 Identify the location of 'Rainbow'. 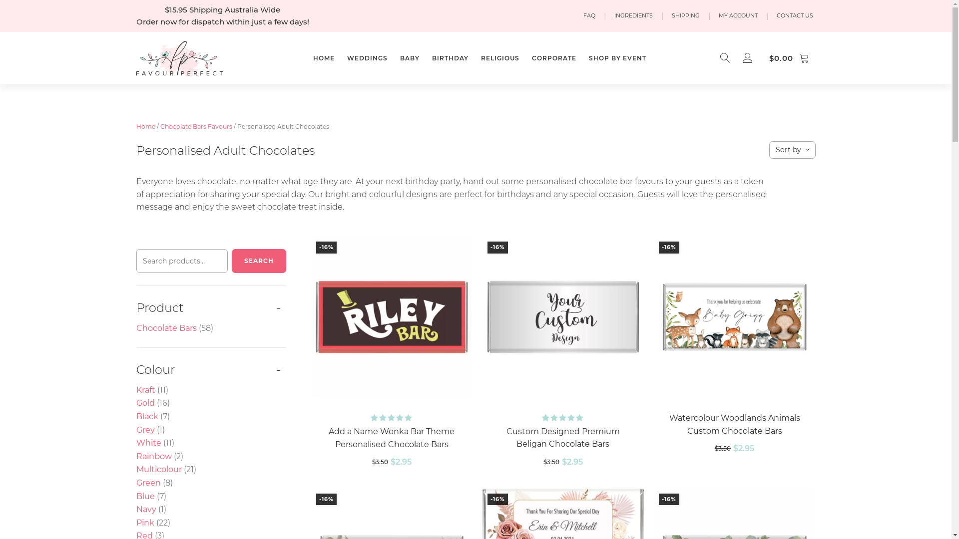
(135, 456).